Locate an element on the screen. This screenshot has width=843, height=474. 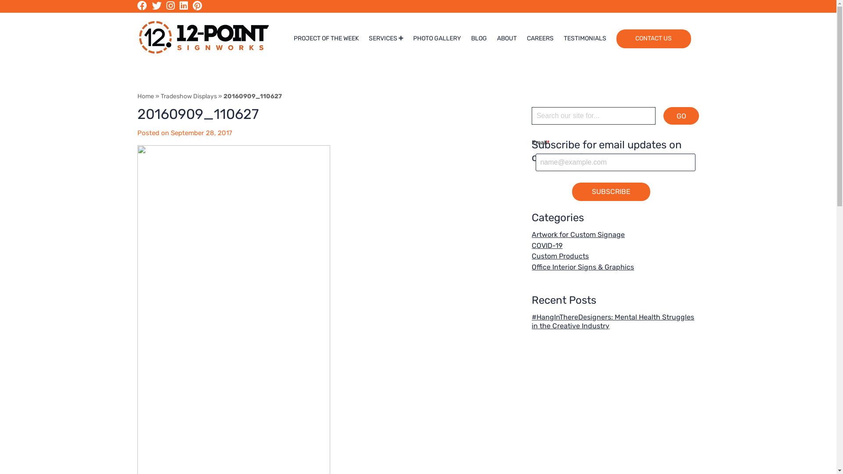
'PROJECT OF THE WEEK' is located at coordinates (293, 38).